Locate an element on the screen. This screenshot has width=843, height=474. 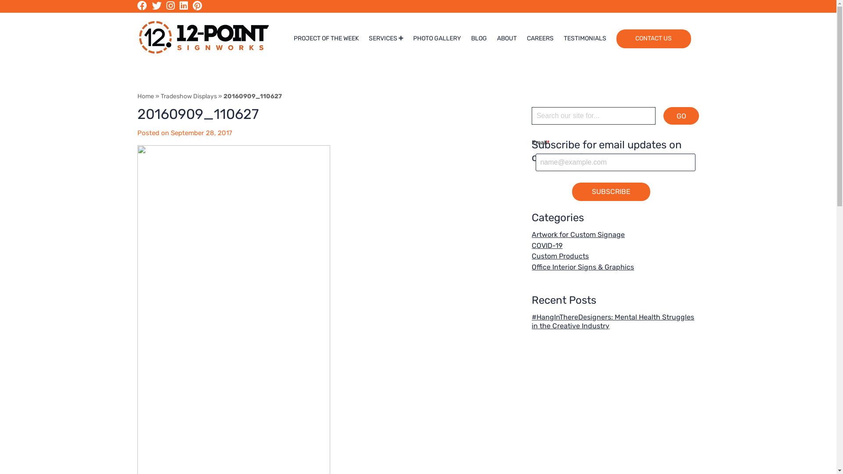
'PROJECT OF THE WEEK' is located at coordinates (293, 38).